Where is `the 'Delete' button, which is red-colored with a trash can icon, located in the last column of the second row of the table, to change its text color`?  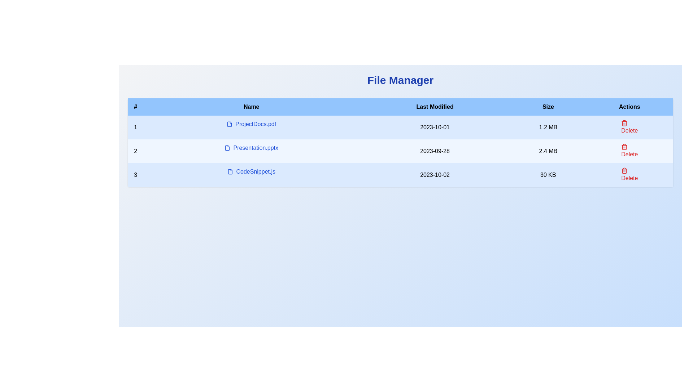
the 'Delete' button, which is red-colored with a trash can icon, located in the last column of the second row of the table, to change its text color is located at coordinates (629, 151).